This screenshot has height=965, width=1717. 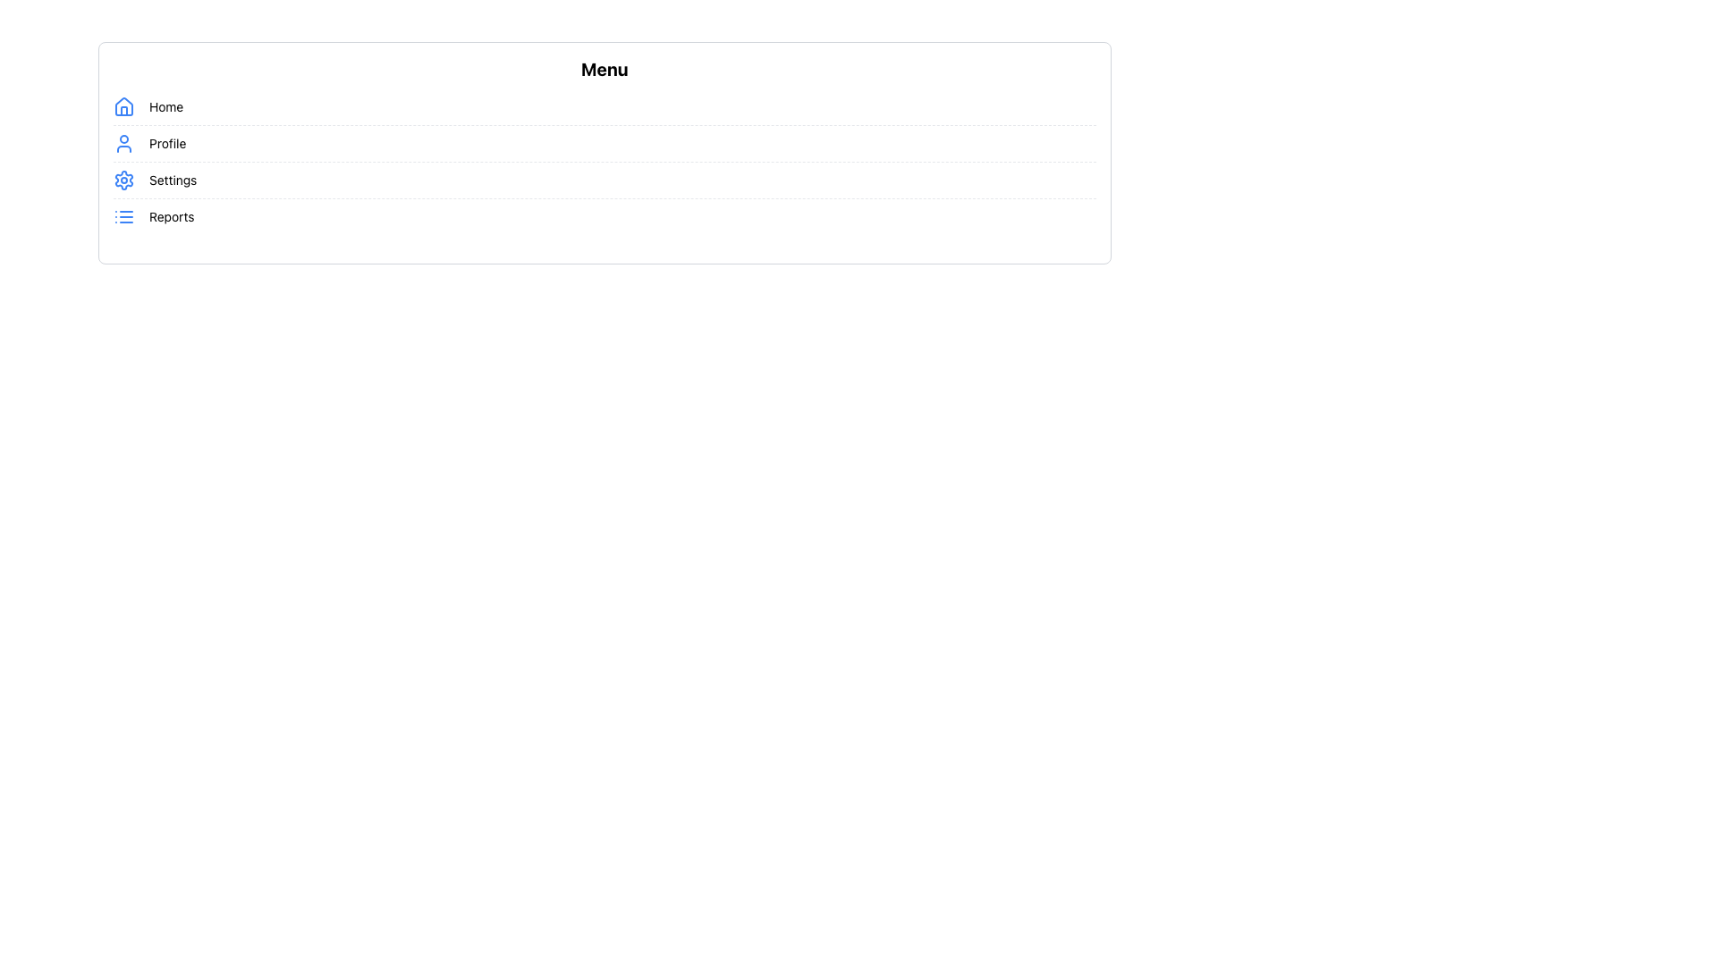 I want to click on the visual identifier icon for the 'Reports' menu entry, which is positioned as the leftmost component in the vertically stacked menu list, so click(x=123, y=216).